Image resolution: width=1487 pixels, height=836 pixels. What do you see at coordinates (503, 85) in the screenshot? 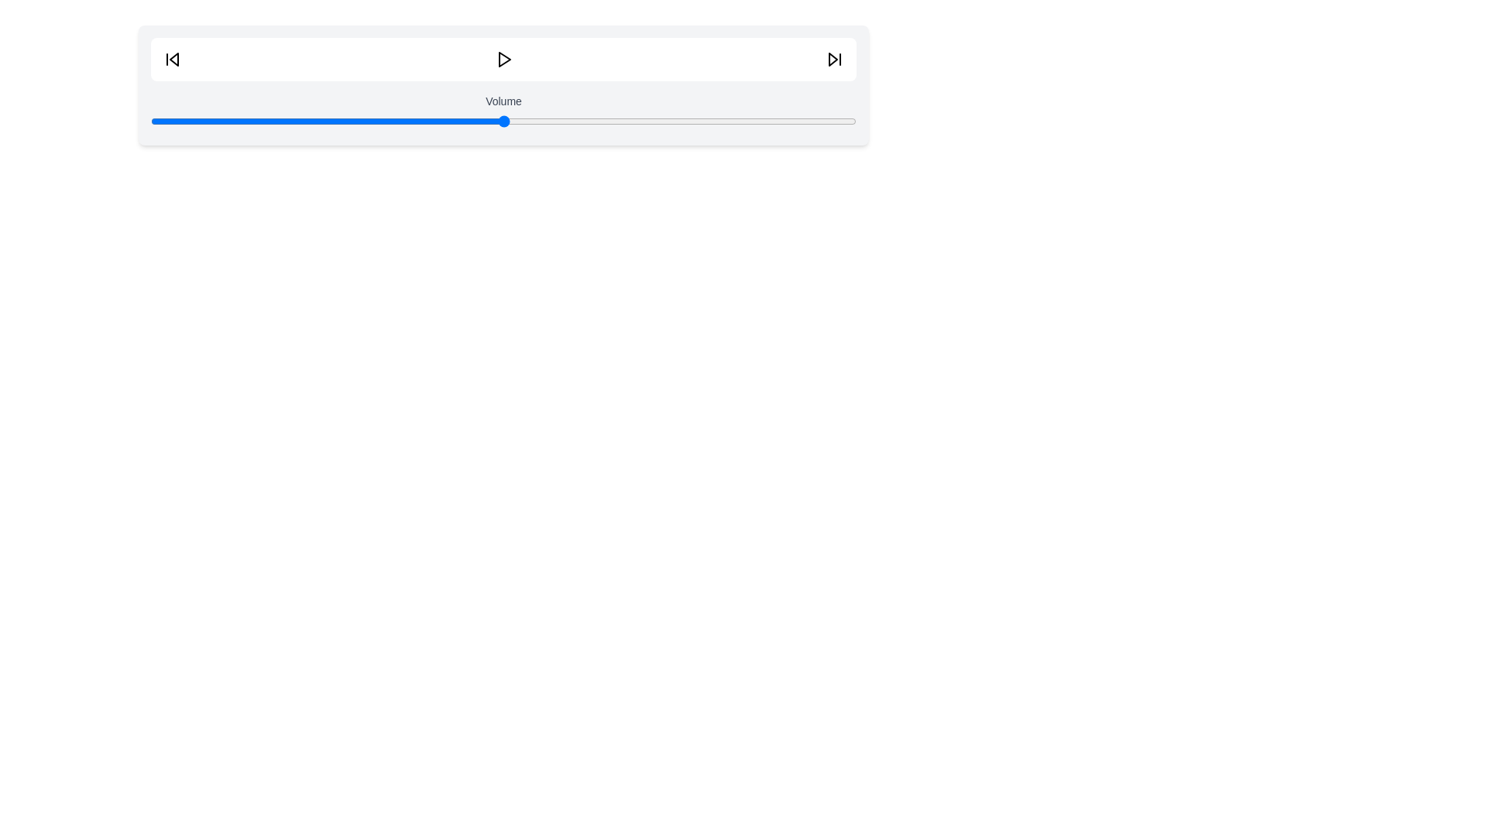
I see `the horizontal slider labeled 'Volume'` at bounding box center [503, 85].